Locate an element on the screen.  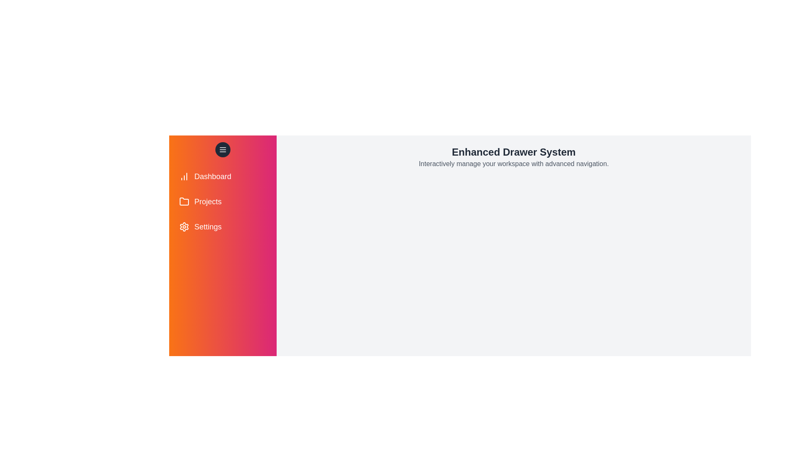
the menu item labeled Dashboard is located at coordinates (223, 176).